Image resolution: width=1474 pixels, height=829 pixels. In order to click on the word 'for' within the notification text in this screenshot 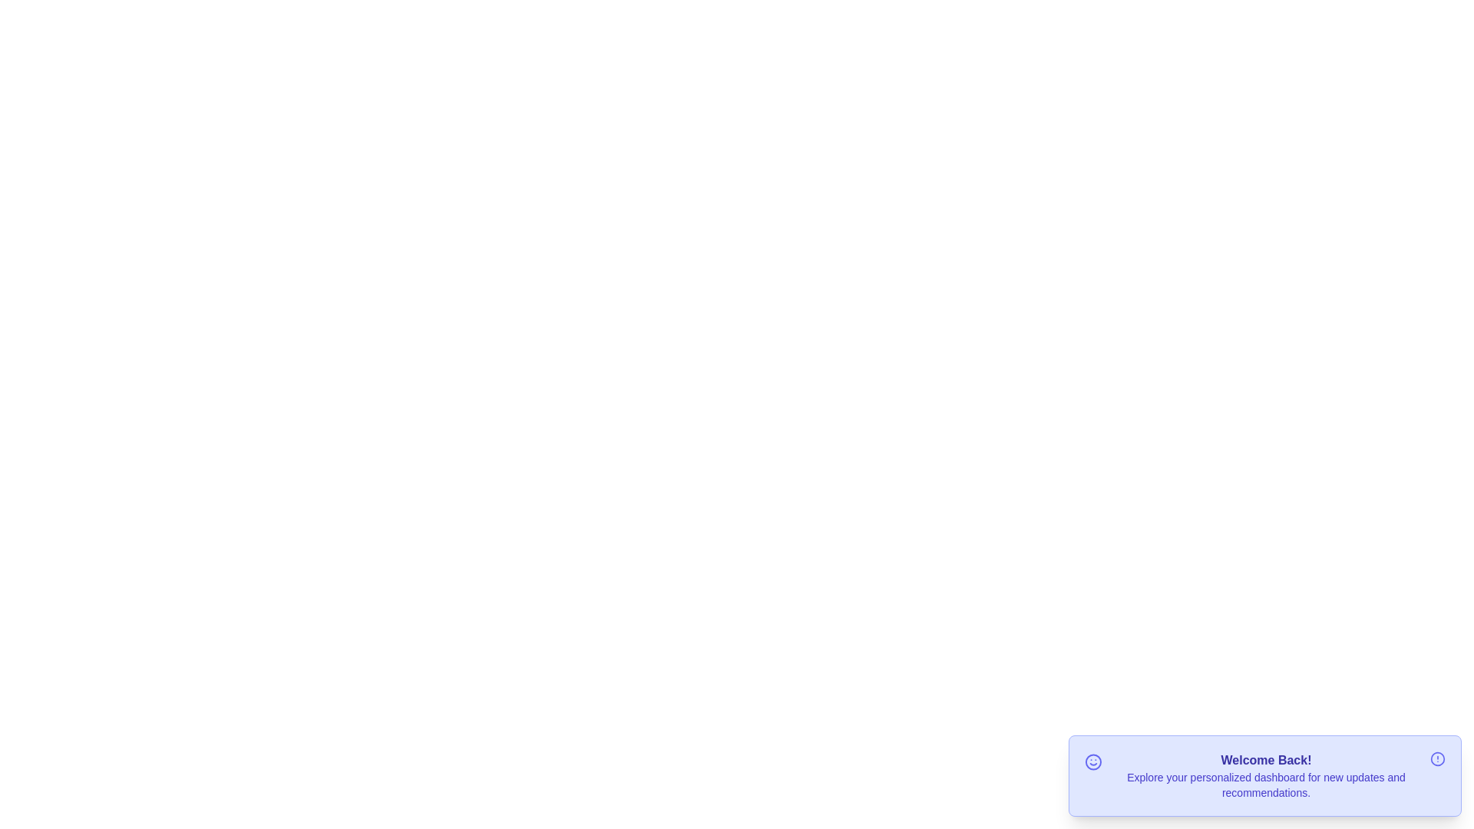, I will do `click(1267, 769)`.